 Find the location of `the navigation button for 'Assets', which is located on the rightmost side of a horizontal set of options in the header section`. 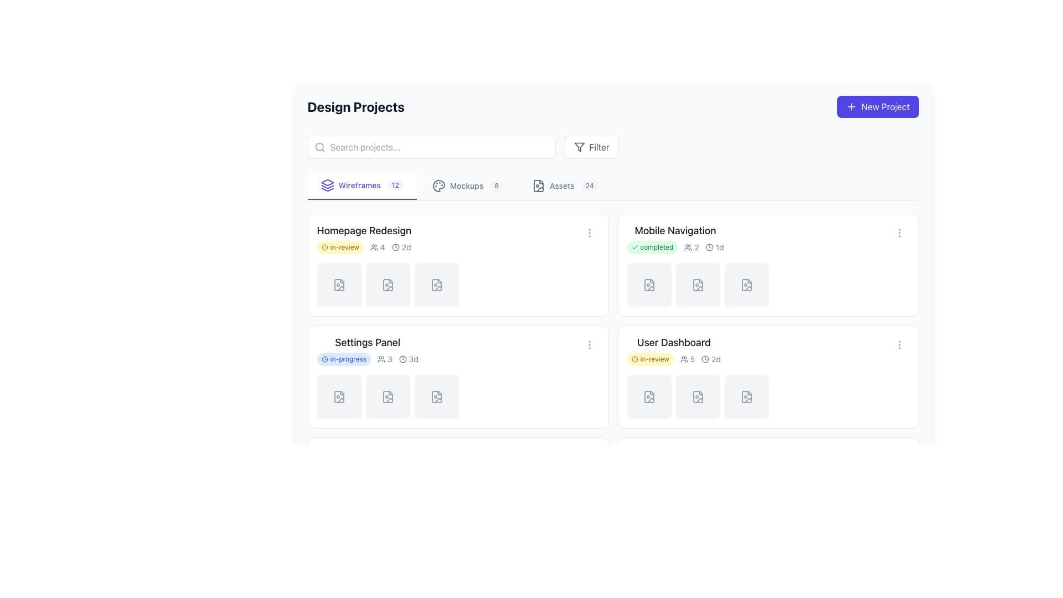

the navigation button for 'Assets', which is located on the rightmost side of a horizontal set of options in the header section is located at coordinates (565, 185).